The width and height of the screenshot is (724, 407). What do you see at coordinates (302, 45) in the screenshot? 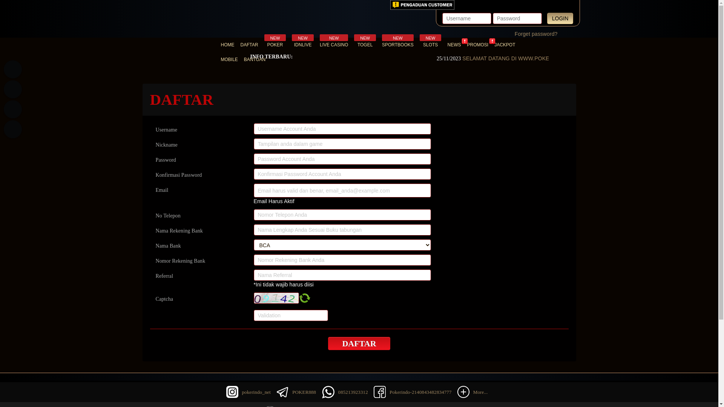
I see `'NEW` at bounding box center [302, 45].